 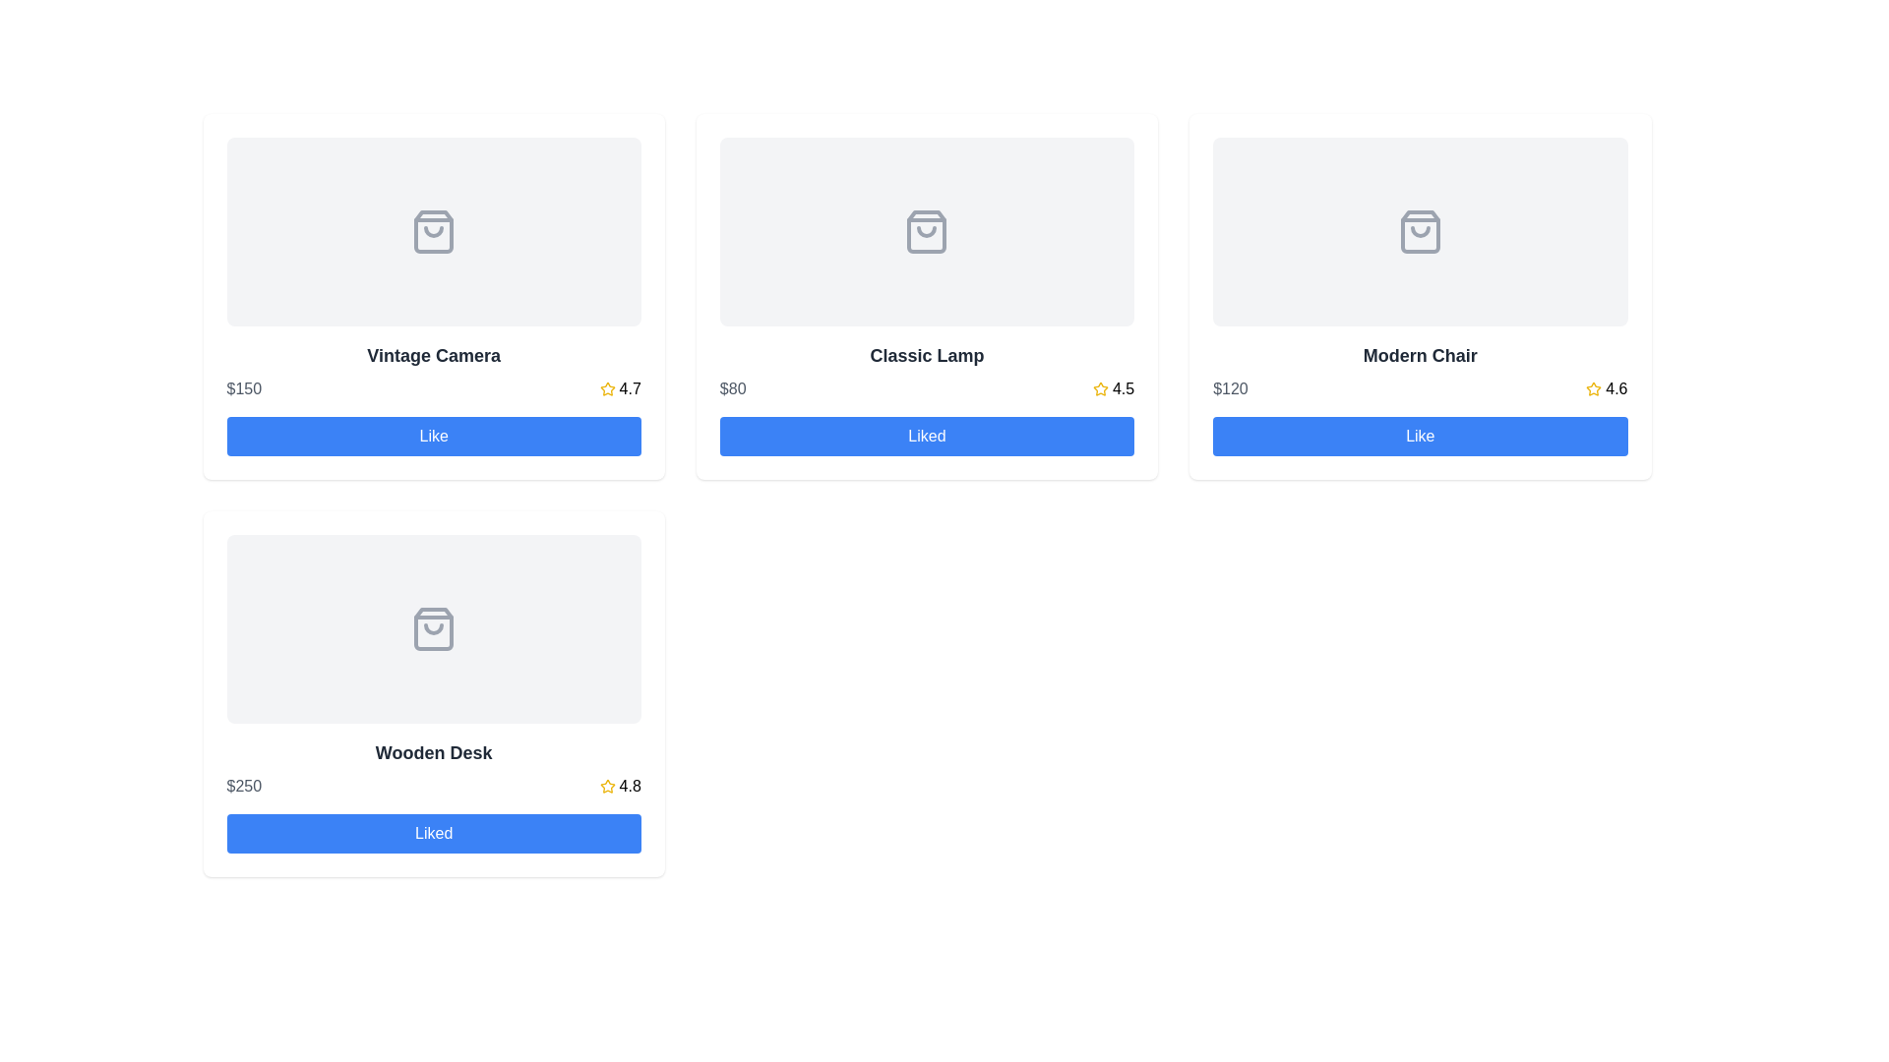 I want to click on the first product summary card in the grid layout, so click(x=433, y=372).